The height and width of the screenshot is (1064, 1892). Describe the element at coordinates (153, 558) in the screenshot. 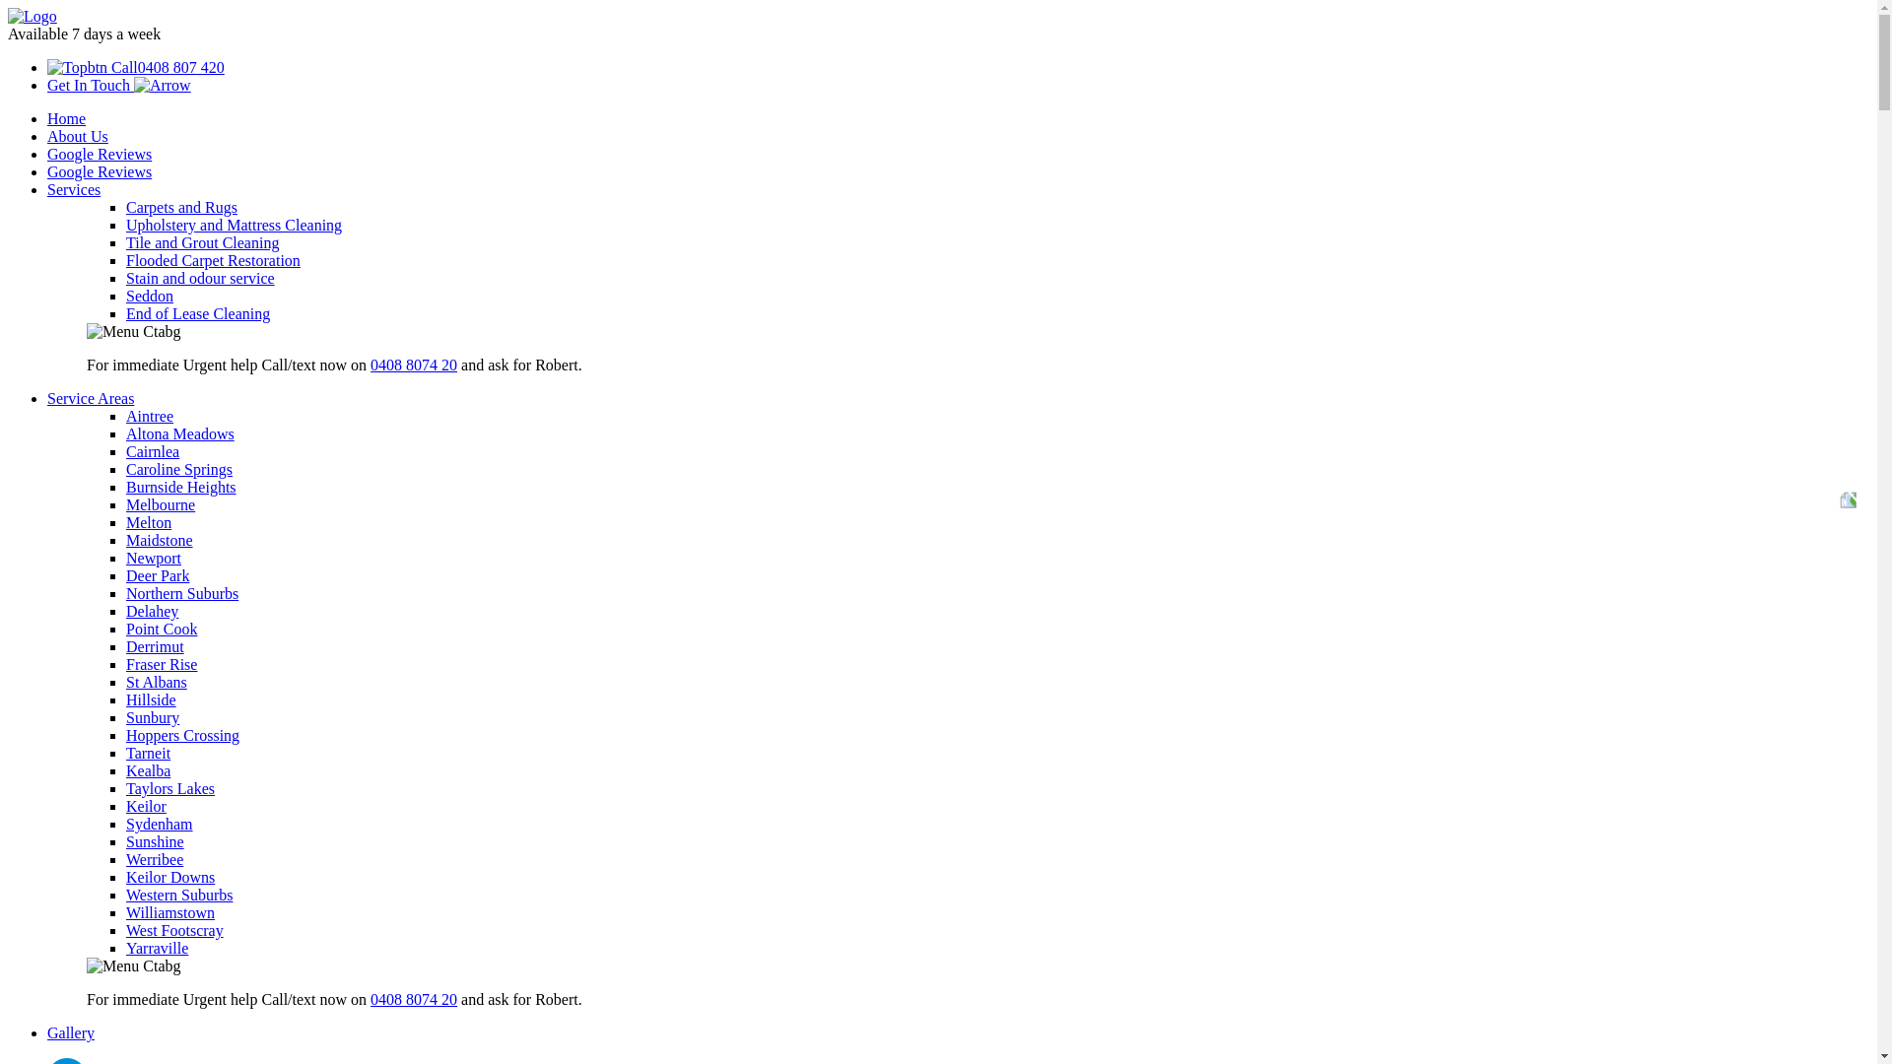

I see `'Newport'` at that location.